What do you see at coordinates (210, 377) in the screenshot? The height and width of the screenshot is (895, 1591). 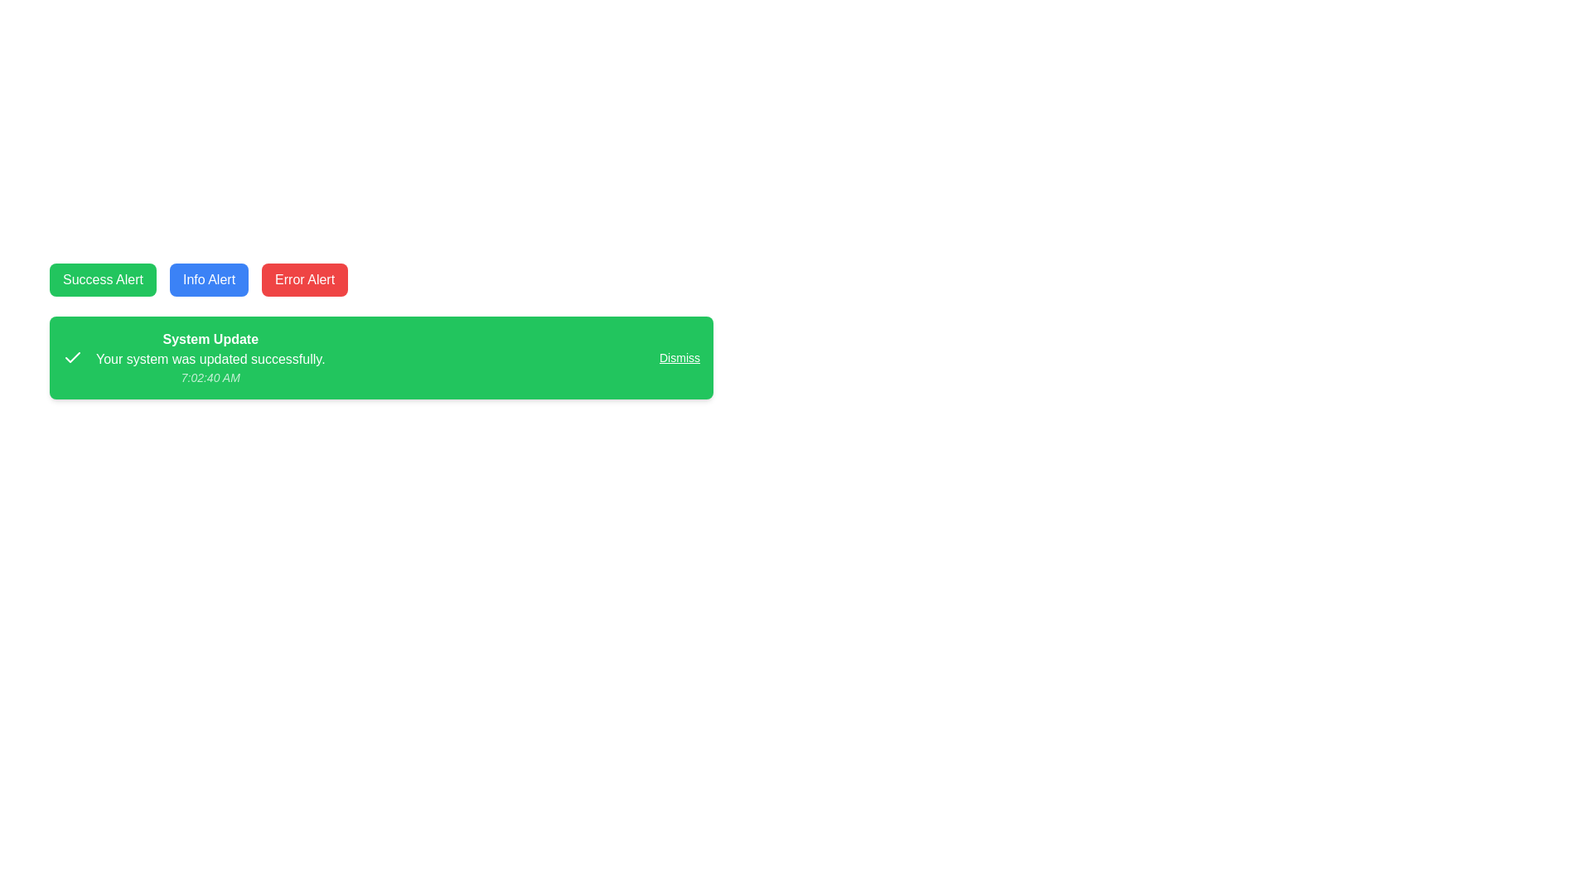 I see `the static text that reads '7:02:40 AM', which is styled in italic and semi-transparent, located below the message 'Your system was updated successfully.' in the green notification card for the 'System Update'` at bounding box center [210, 377].